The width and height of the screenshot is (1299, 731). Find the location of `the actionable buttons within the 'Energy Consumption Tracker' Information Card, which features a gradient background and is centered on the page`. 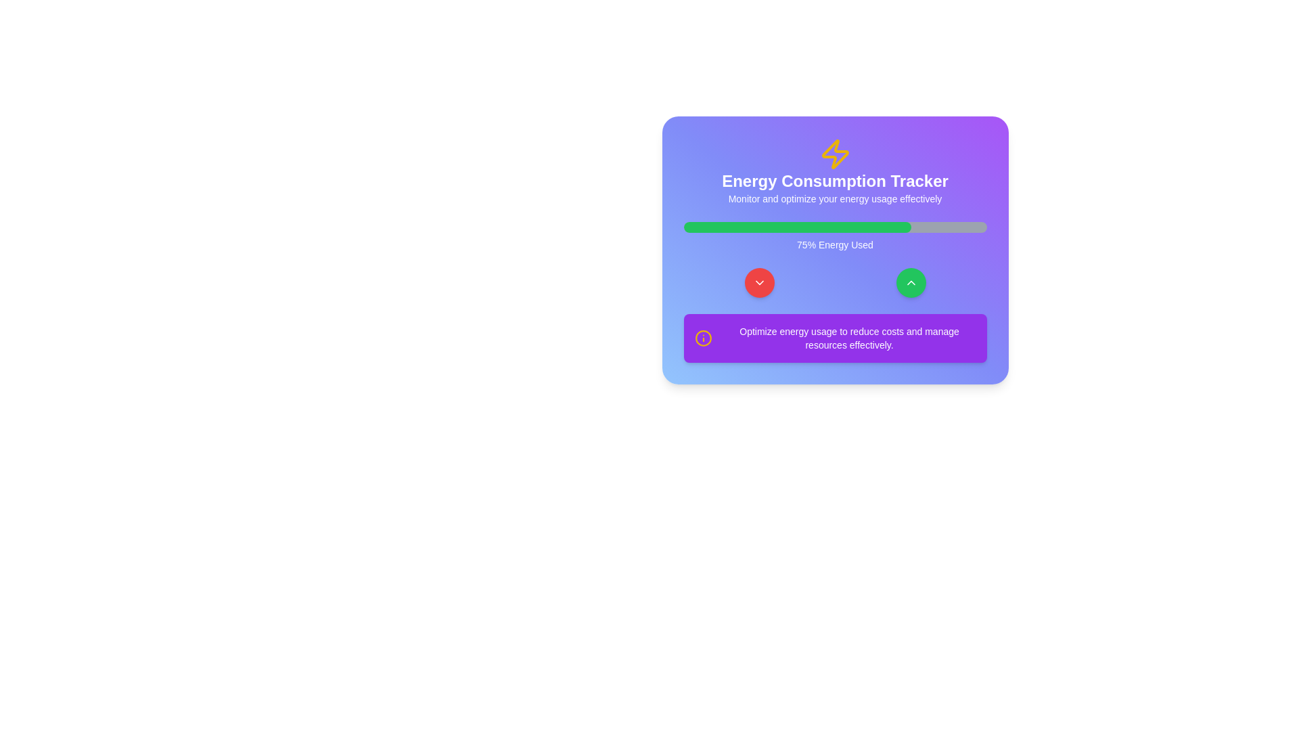

the actionable buttons within the 'Energy Consumption Tracker' Information Card, which features a gradient background and is centered on the page is located at coordinates (834, 250).